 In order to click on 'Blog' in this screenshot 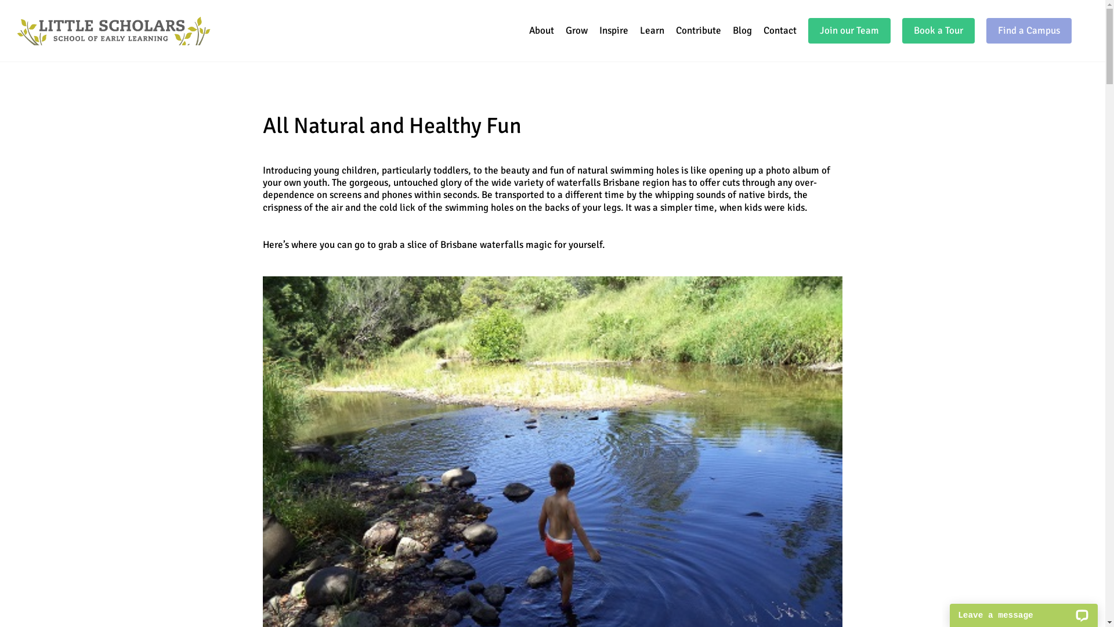, I will do `click(742, 30)`.